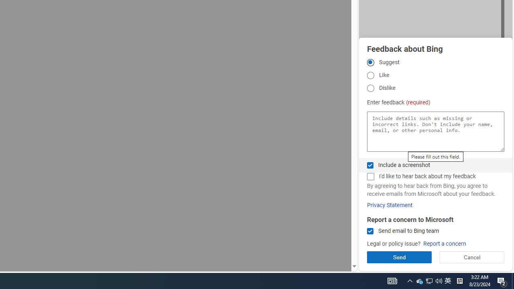 This screenshot has width=514, height=289. What do you see at coordinates (472, 257) in the screenshot?
I see `'Cancel'` at bounding box center [472, 257].